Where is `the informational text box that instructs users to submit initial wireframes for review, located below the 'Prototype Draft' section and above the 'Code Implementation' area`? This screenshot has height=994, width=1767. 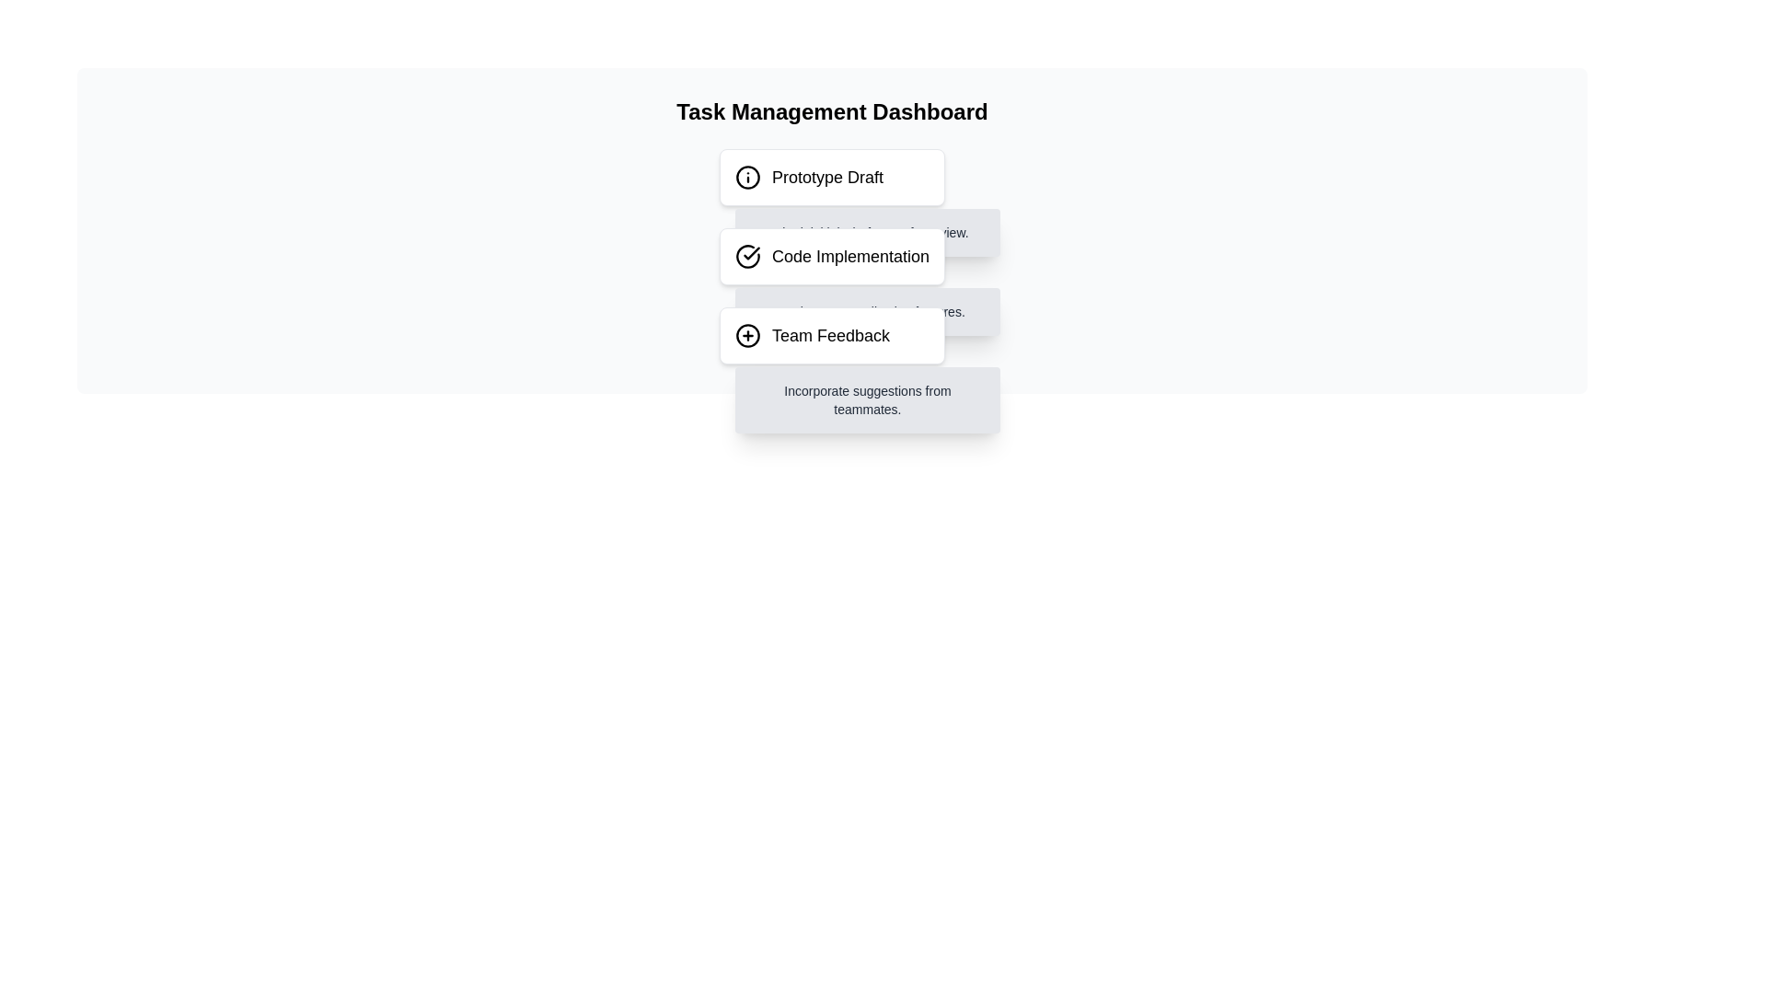 the informational text box that instructs users to submit initial wireframes for review, located below the 'Prototype Draft' section and above the 'Code Implementation' area is located at coordinates (866, 232).